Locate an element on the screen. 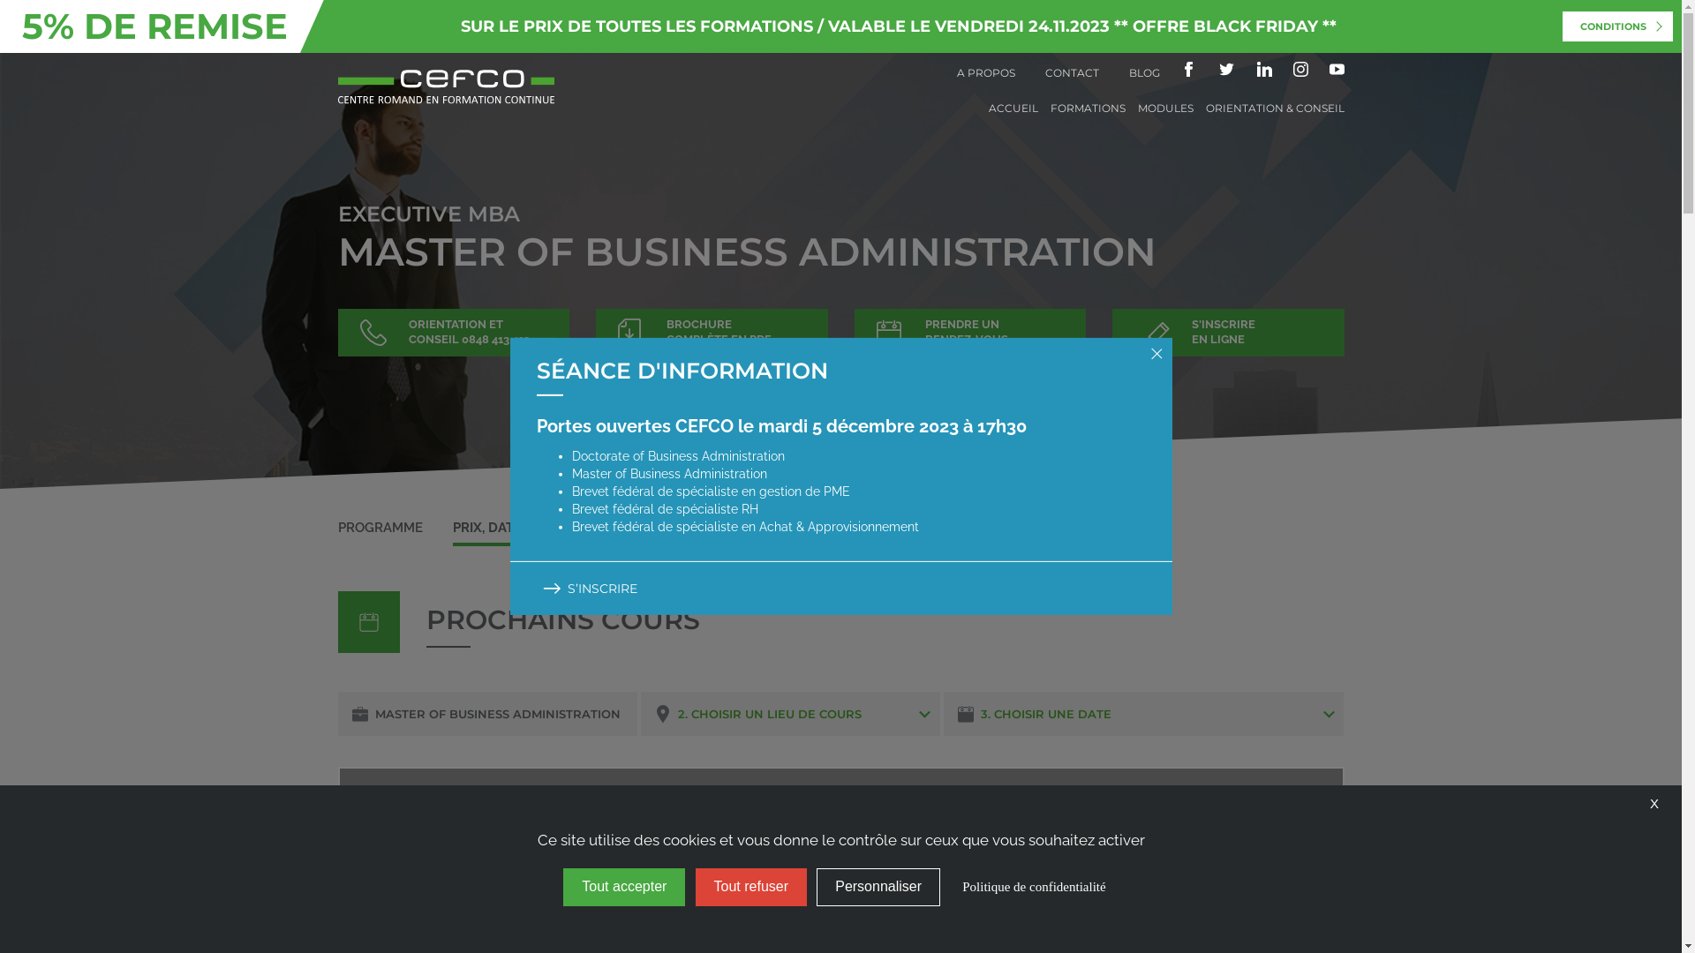 This screenshot has width=1695, height=953. 'CONDITIONS' is located at coordinates (1617, 26).